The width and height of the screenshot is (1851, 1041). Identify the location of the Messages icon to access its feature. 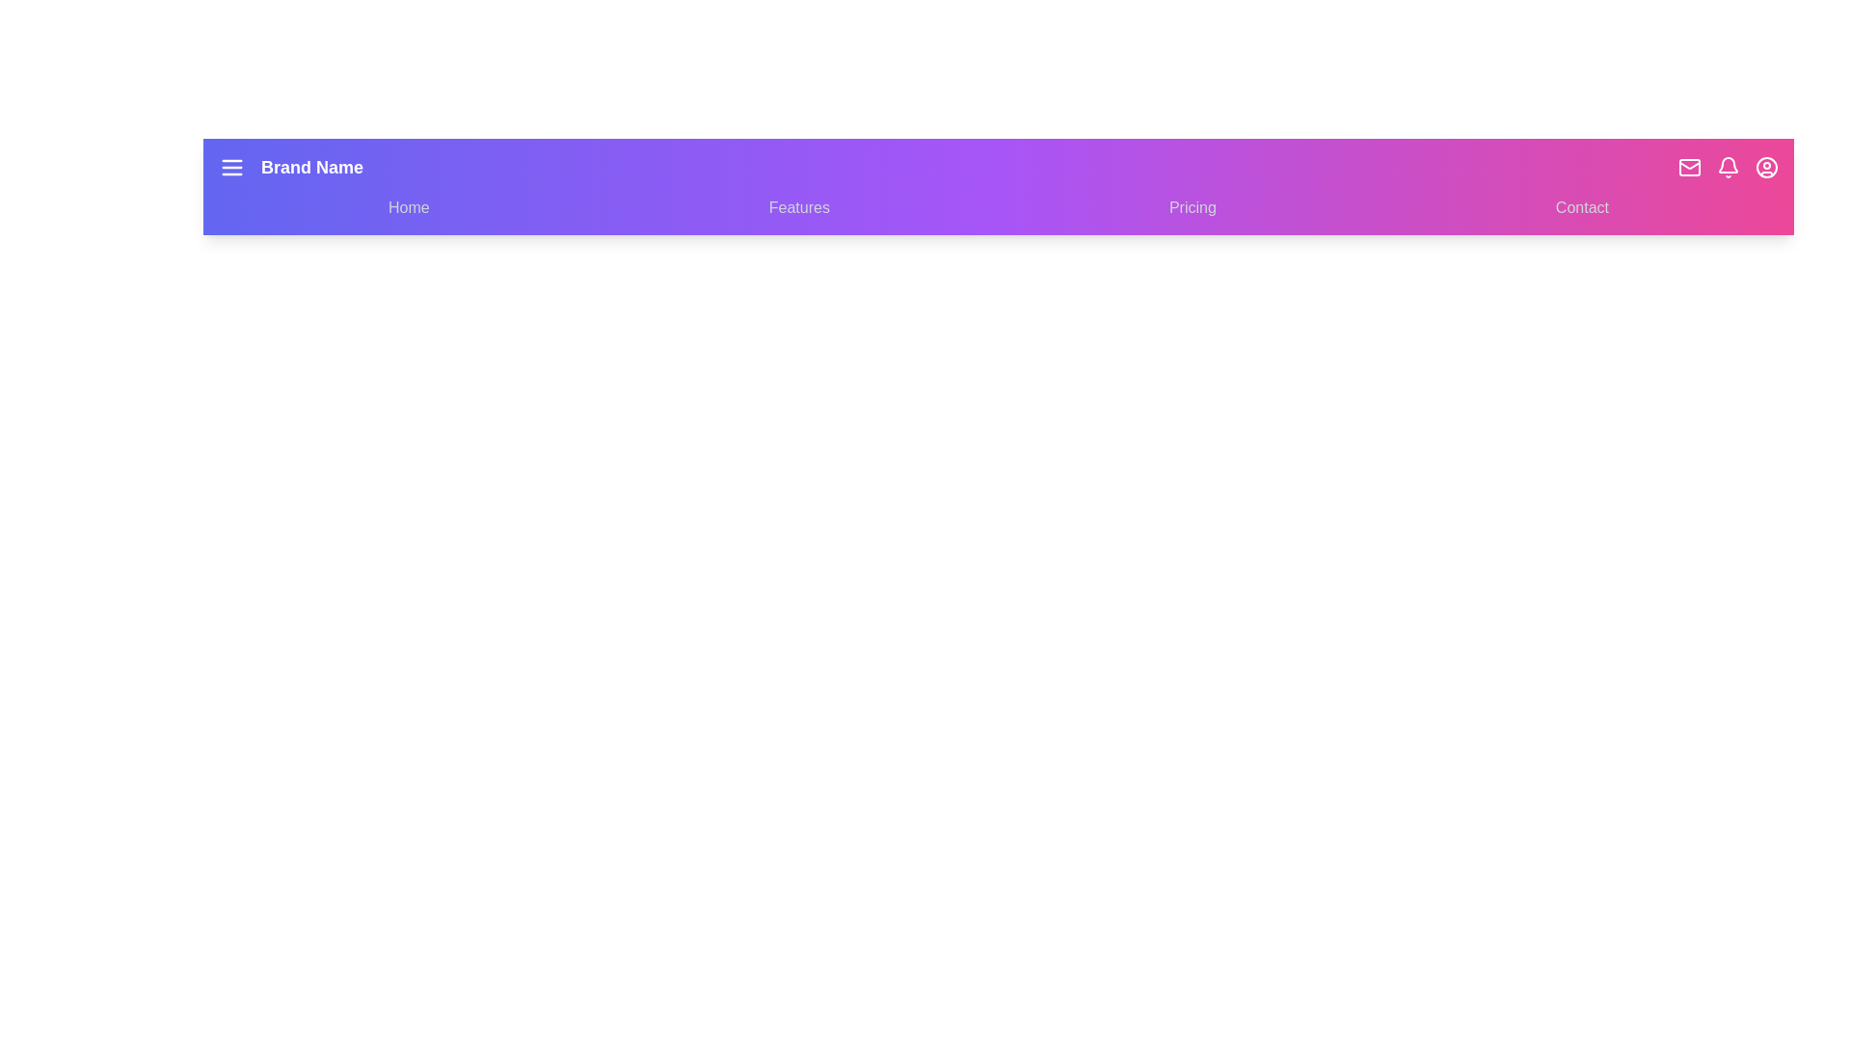
(1688, 166).